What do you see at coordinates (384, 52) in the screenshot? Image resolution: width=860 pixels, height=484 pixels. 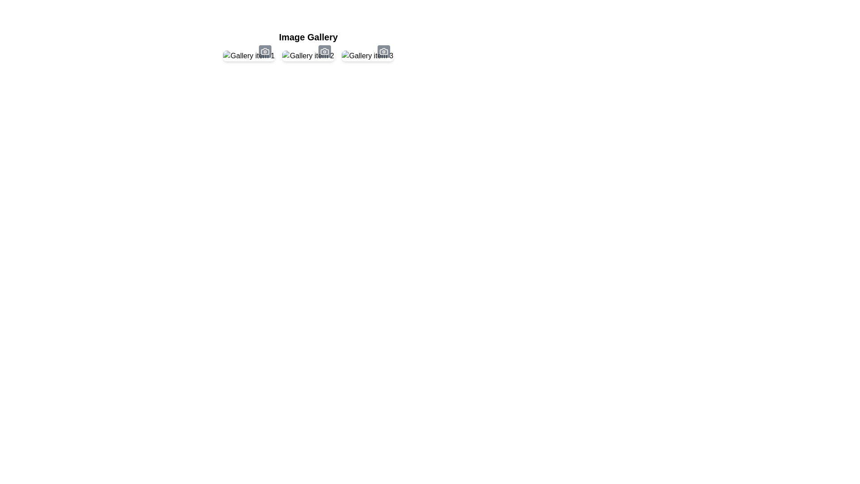 I see `the minimalistic camera icon located at the bottom-right corner of the third item in the 'Image Gallery'` at bounding box center [384, 52].